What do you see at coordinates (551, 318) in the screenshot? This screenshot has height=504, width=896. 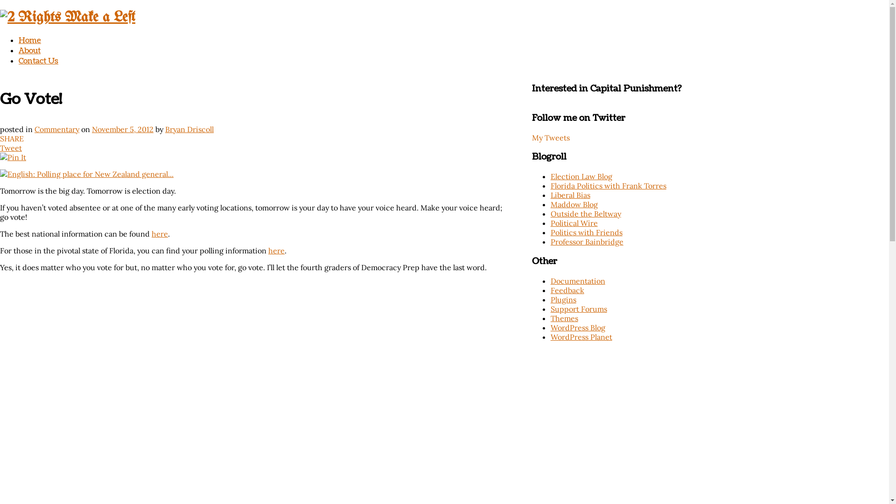 I see `'Themes'` at bounding box center [551, 318].